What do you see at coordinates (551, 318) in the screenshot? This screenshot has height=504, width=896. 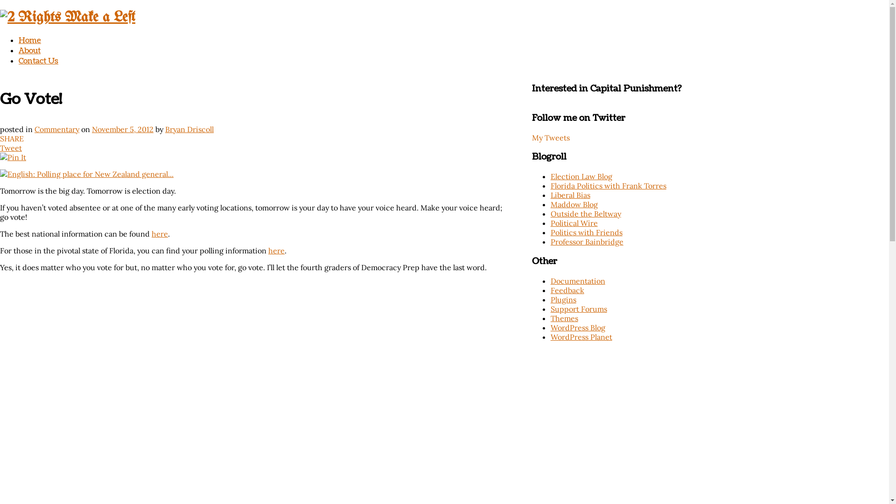 I see `'Themes'` at bounding box center [551, 318].